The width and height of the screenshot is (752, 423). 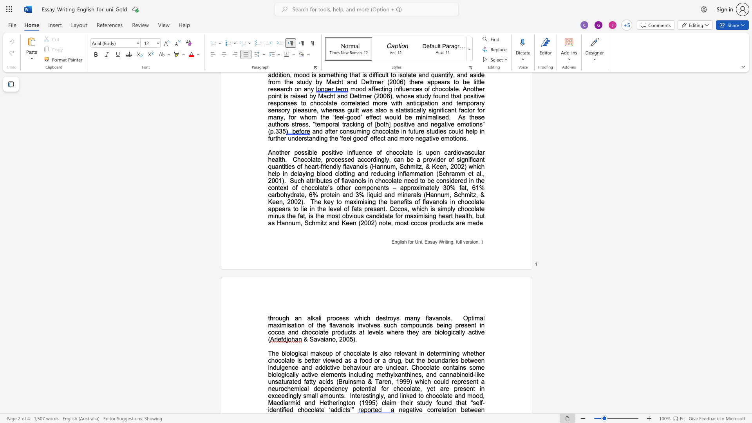 What do you see at coordinates (466, 188) in the screenshot?
I see `the space between the continuous character "t" and "," in the text` at bounding box center [466, 188].